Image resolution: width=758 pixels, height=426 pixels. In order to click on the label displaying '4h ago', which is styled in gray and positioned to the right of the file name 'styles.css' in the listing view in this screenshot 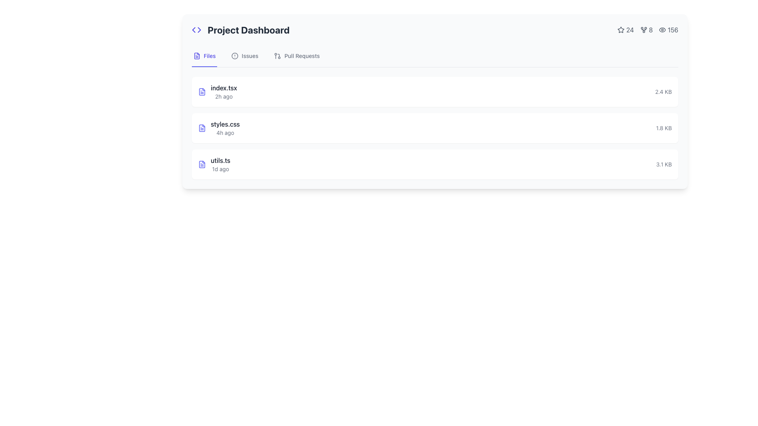, I will do `click(225, 132)`.